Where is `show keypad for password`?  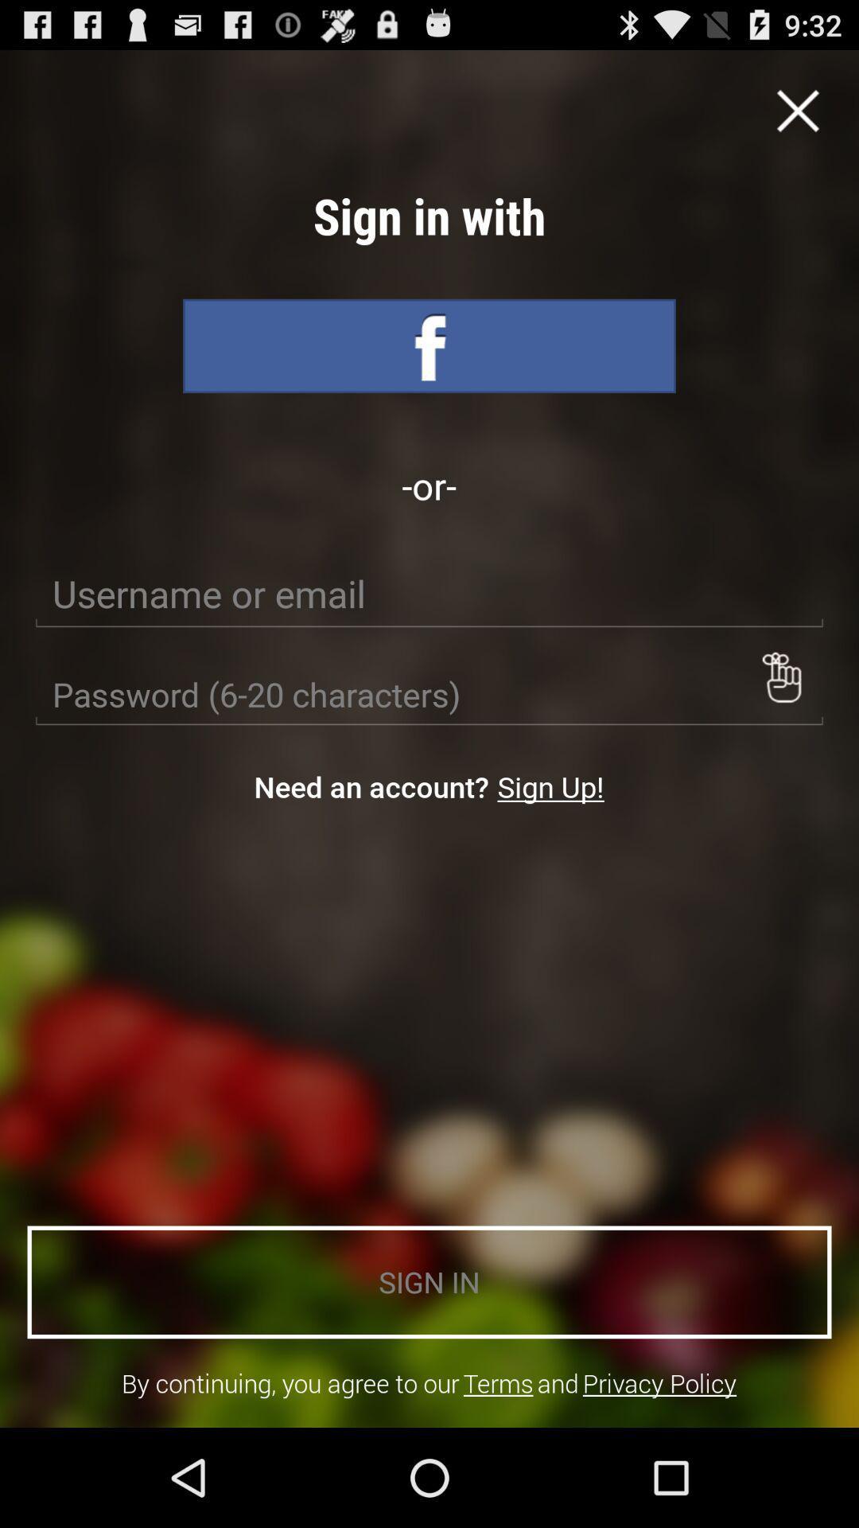
show keypad for password is located at coordinates (780, 677).